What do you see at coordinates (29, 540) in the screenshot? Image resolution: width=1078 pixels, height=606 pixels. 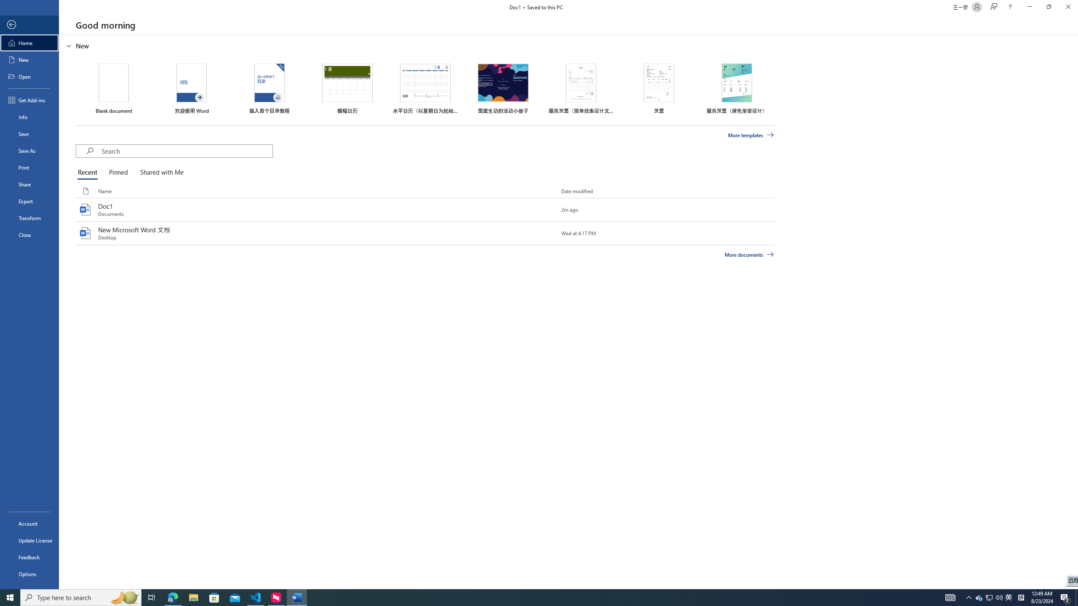 I see `'Update License'` at bounding box center [29, 540].